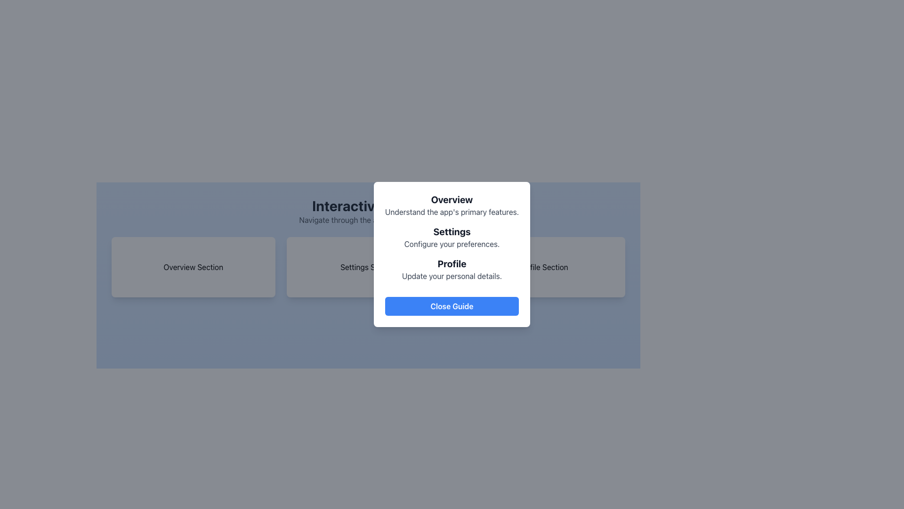 The height and width of the screenshot is (509, 904). Describe the element at coordinates (368, 220) in the screenshot. I see `the instructional text label that reads 'Navigate through the app's key features.' located beneath the header 'Interactive Guide'` at that location.